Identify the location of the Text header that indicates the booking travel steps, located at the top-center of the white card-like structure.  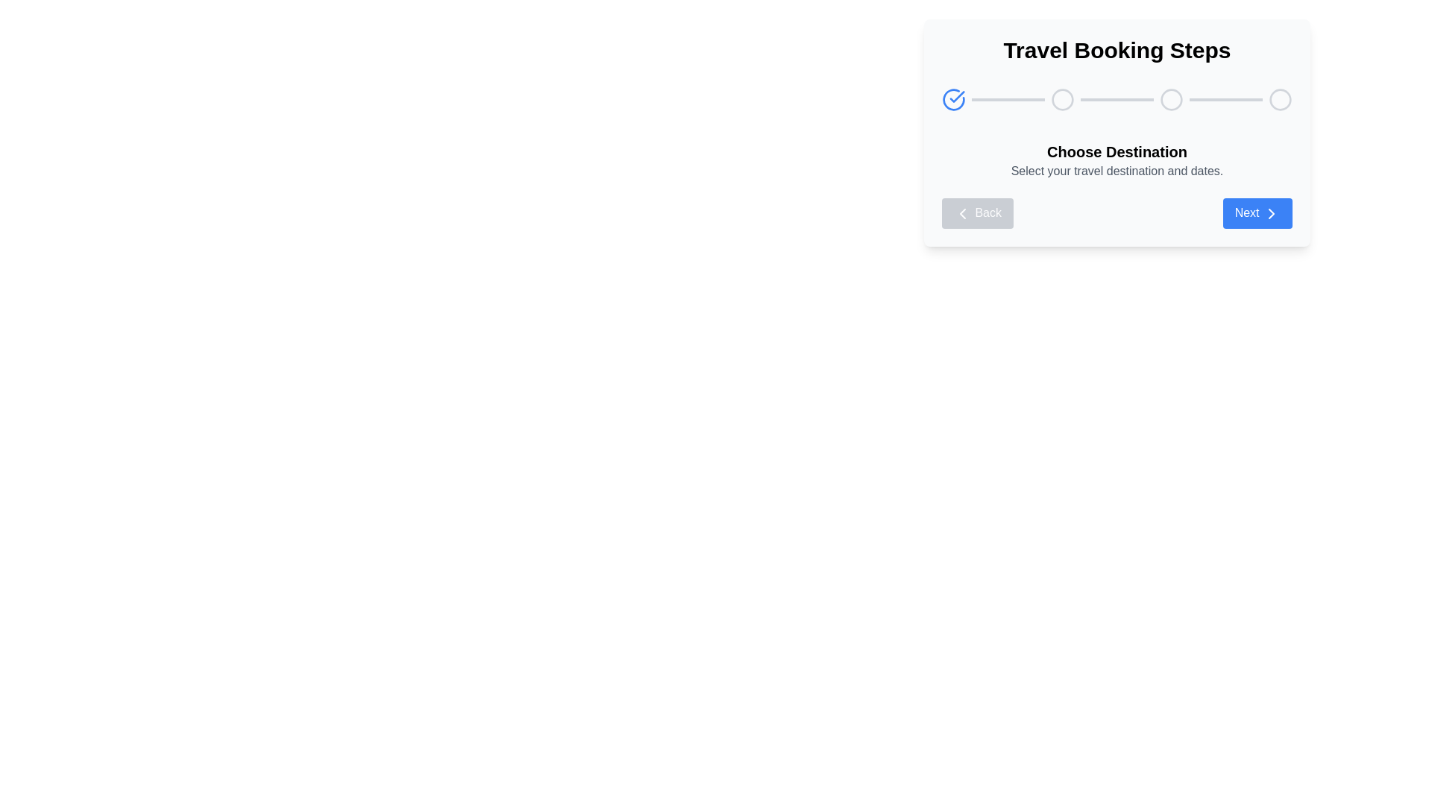
(1117, 50).